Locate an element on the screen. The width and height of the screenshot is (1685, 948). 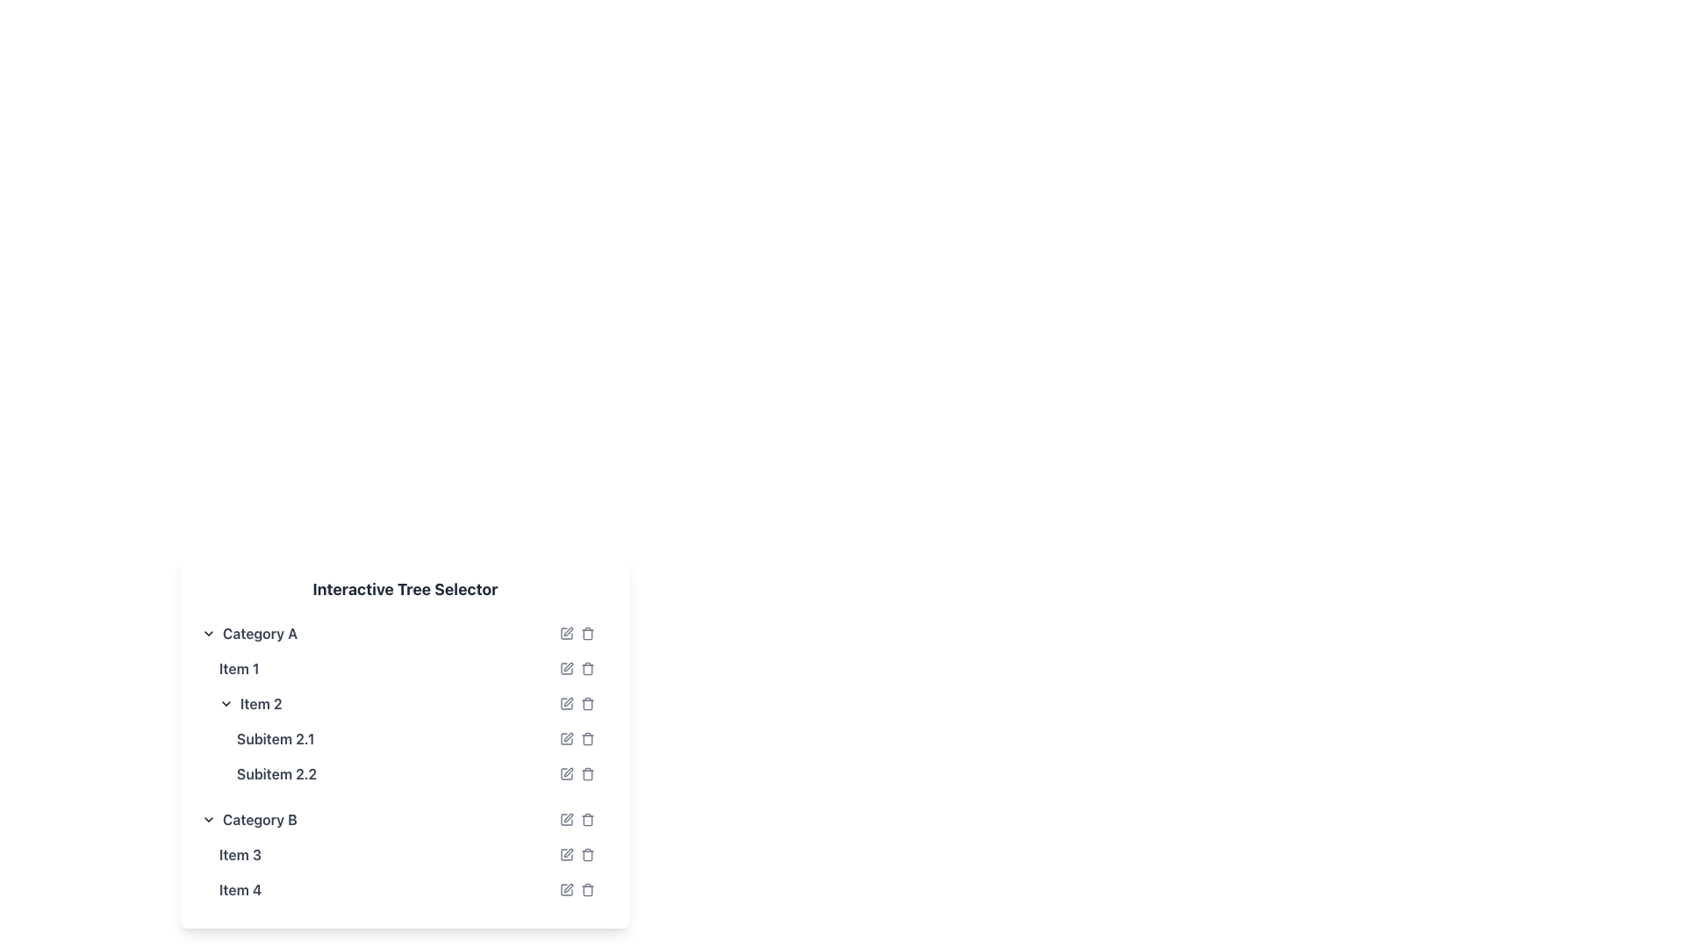
the pen-like icon to the right of 'Category A' to initiate the edit functionality is located at coordinates (569, 632).